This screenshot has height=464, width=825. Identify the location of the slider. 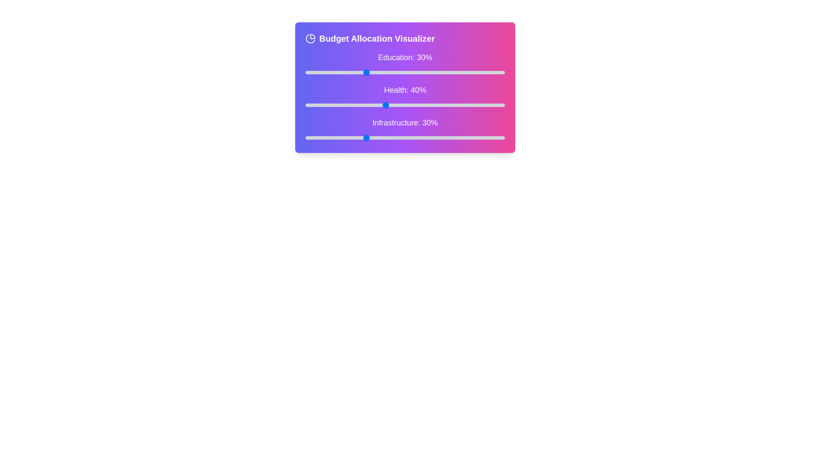
(485, 137).